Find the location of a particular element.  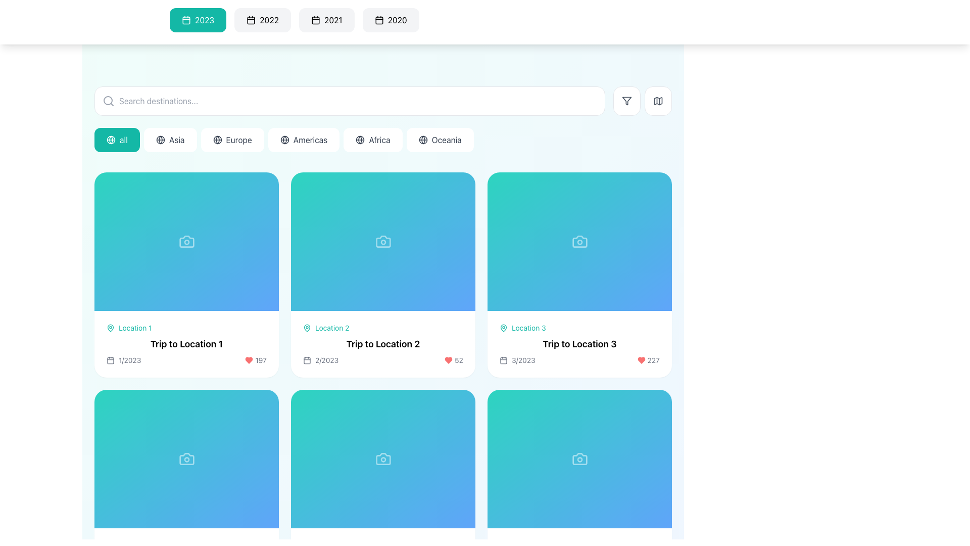

the 'Oceania' region filter button, which is the sixth button in a horizontal list of region buttons, located at the far right of the list is located at coordinates (440, 140).